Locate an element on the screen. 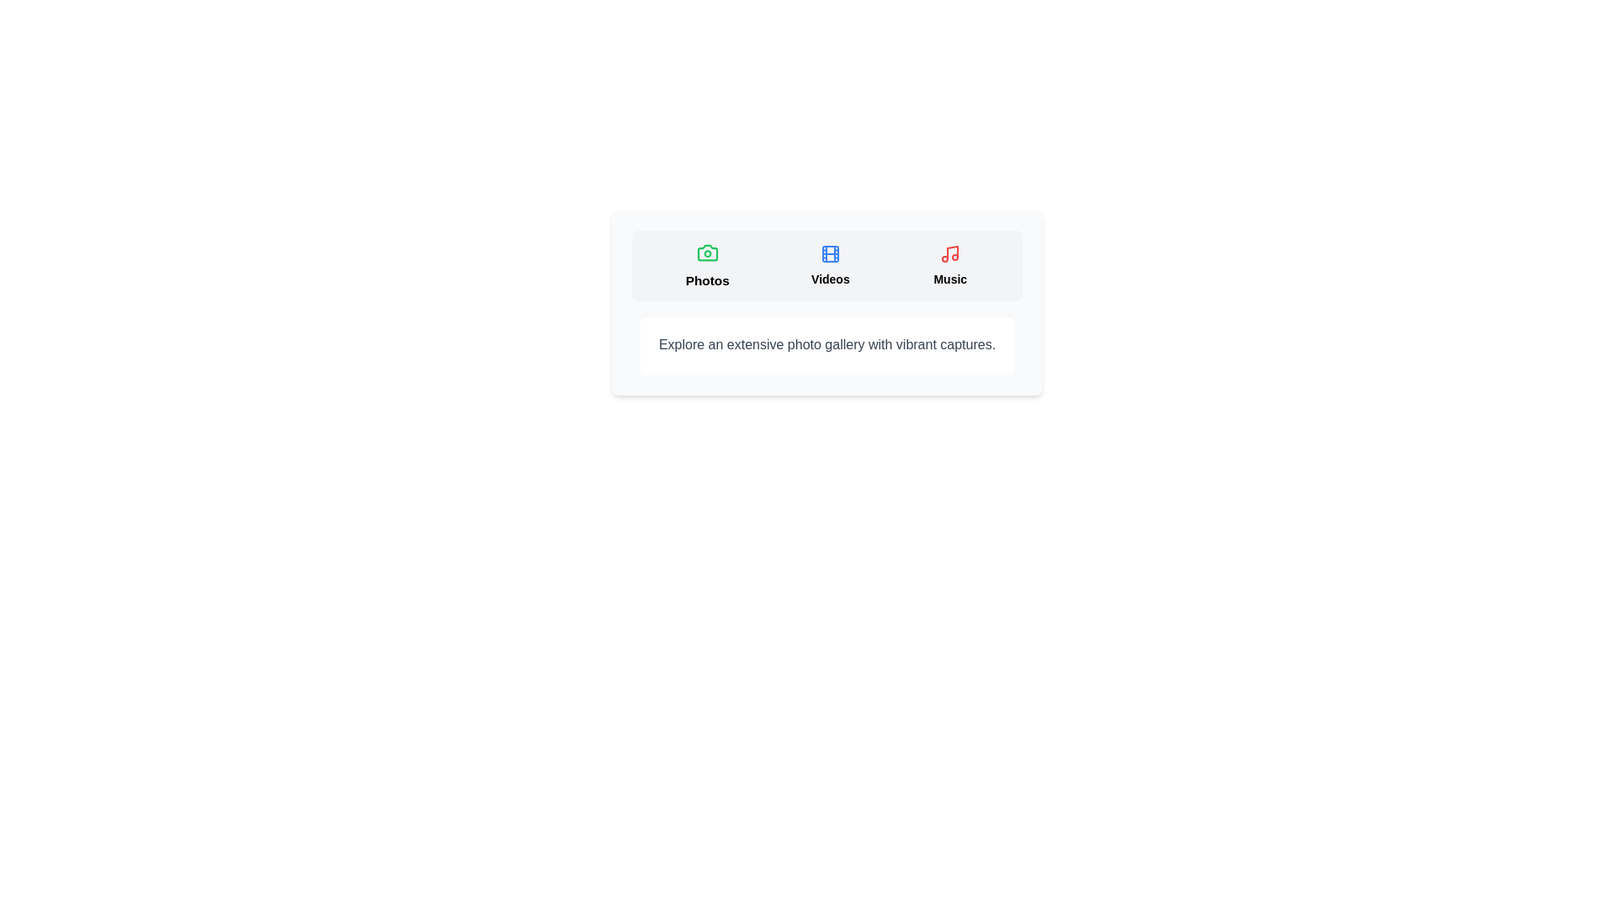 The image size is (1616, 909). the Photos tab by clicking on it is located at coordinates (707, 265).